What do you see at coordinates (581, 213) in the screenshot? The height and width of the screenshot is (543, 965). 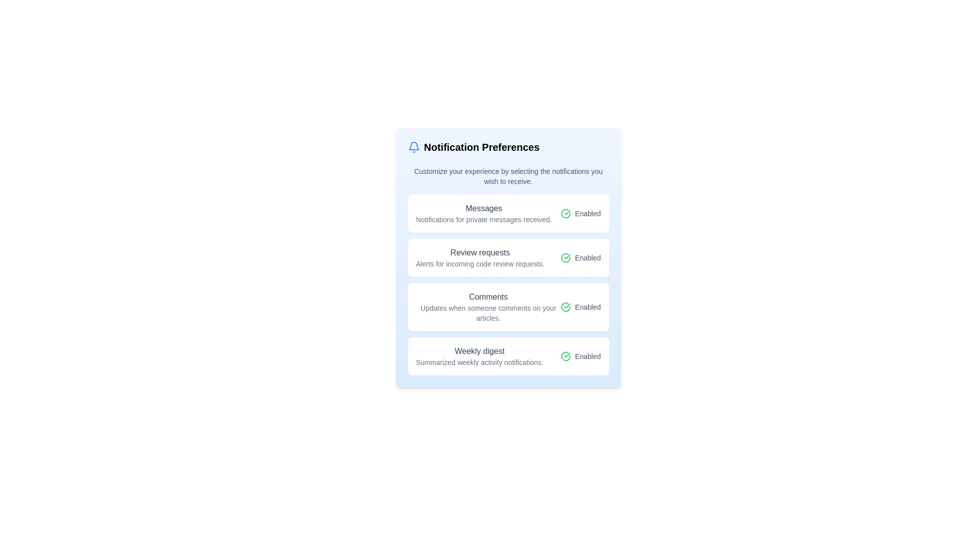 I see `the Status Indicator with the text 'Enabled' and a green check-circle icon, located within the 'Messages' panel under 'Notification Preferences'` at bounding box center [581, 213].